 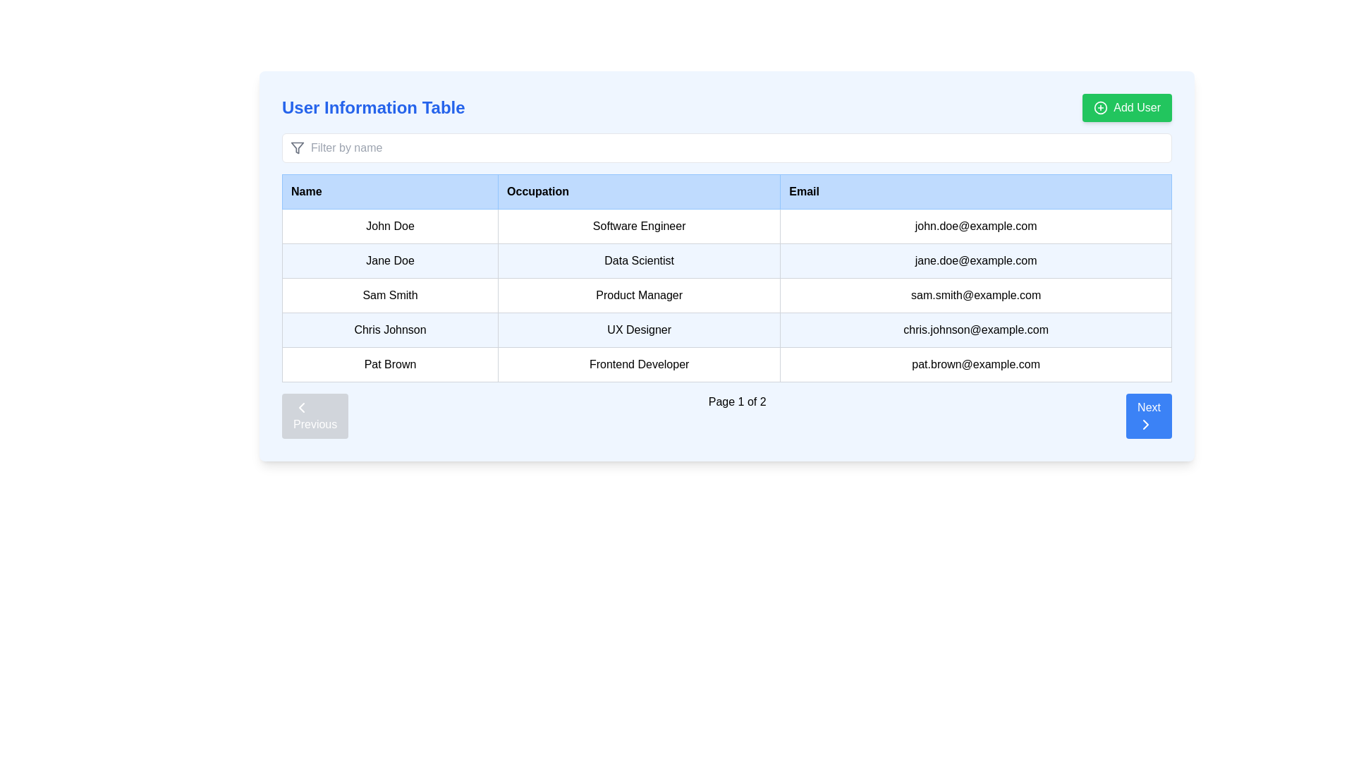 What do you see at coordinates (975, 363) in the screenshot?
I see `the non-interactive Text label displaying the user's email address in the last row of the User Information Table` at bounding box center [975, 363].